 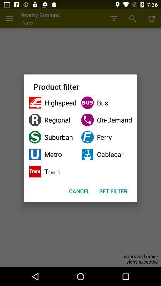 What do you see at coordinates (52, 172) in the screenshot?
I see `item above cancel icon` at bounding box center [52, 172].